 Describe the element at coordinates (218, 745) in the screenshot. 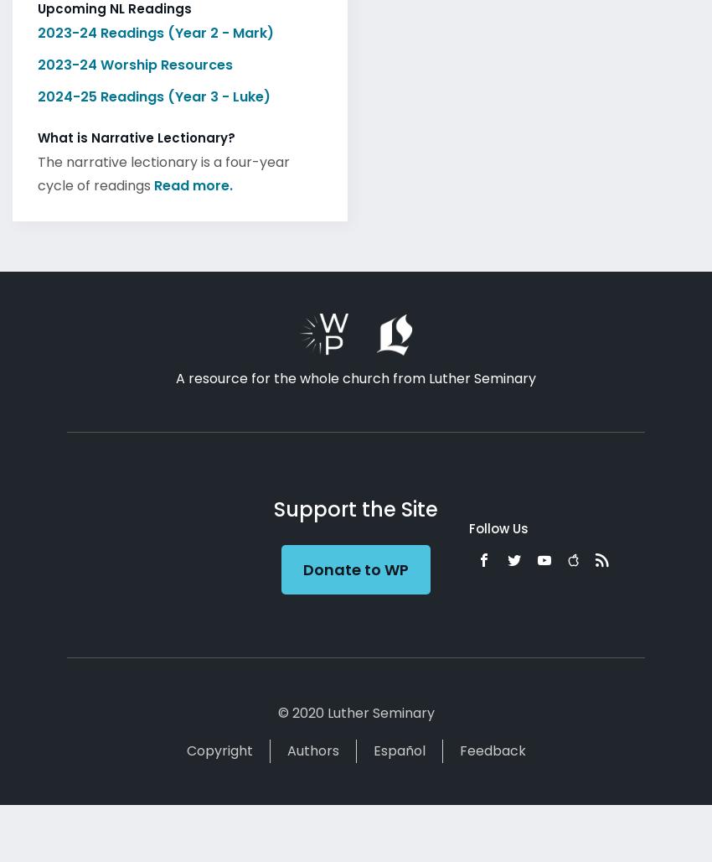

I see `'Copyright'` at that location.